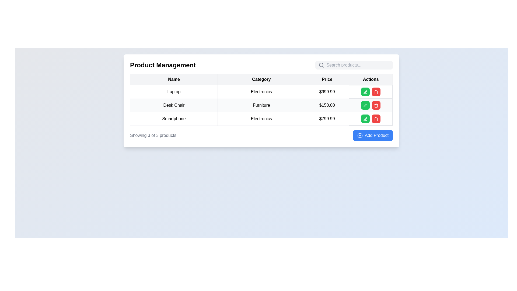  I want to click on the text field displaying 'Furniture' in the second row of the table under the 'Category' column, so click(261, 105).